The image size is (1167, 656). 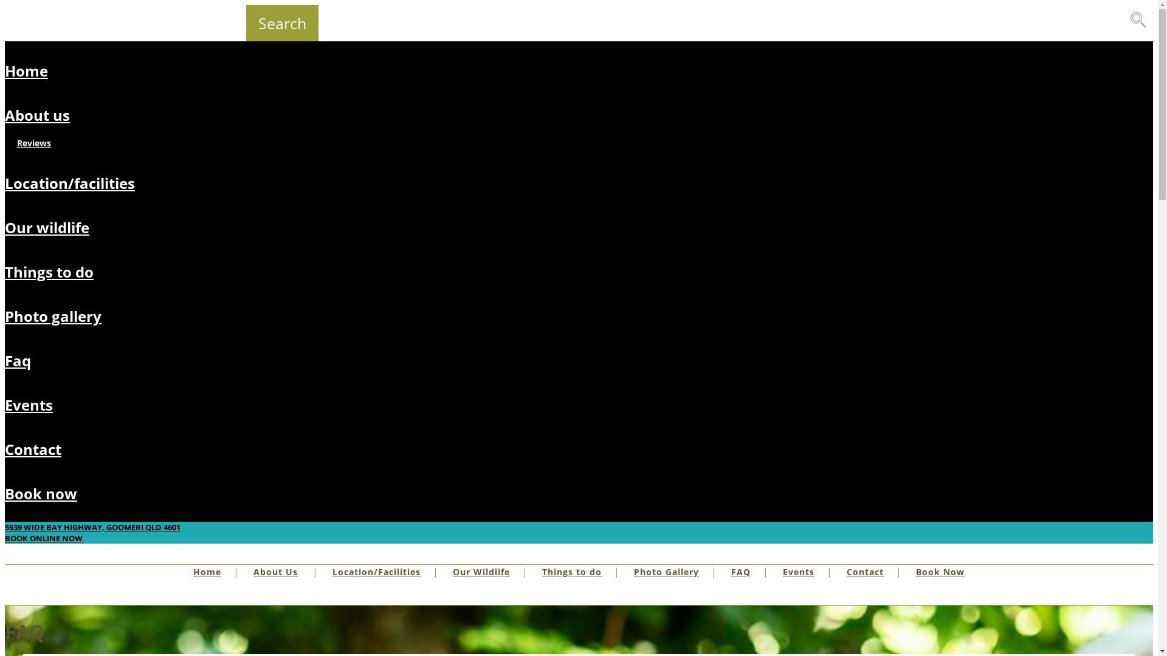 I want to click on 'location/facilities', so click(x=69, y=183).